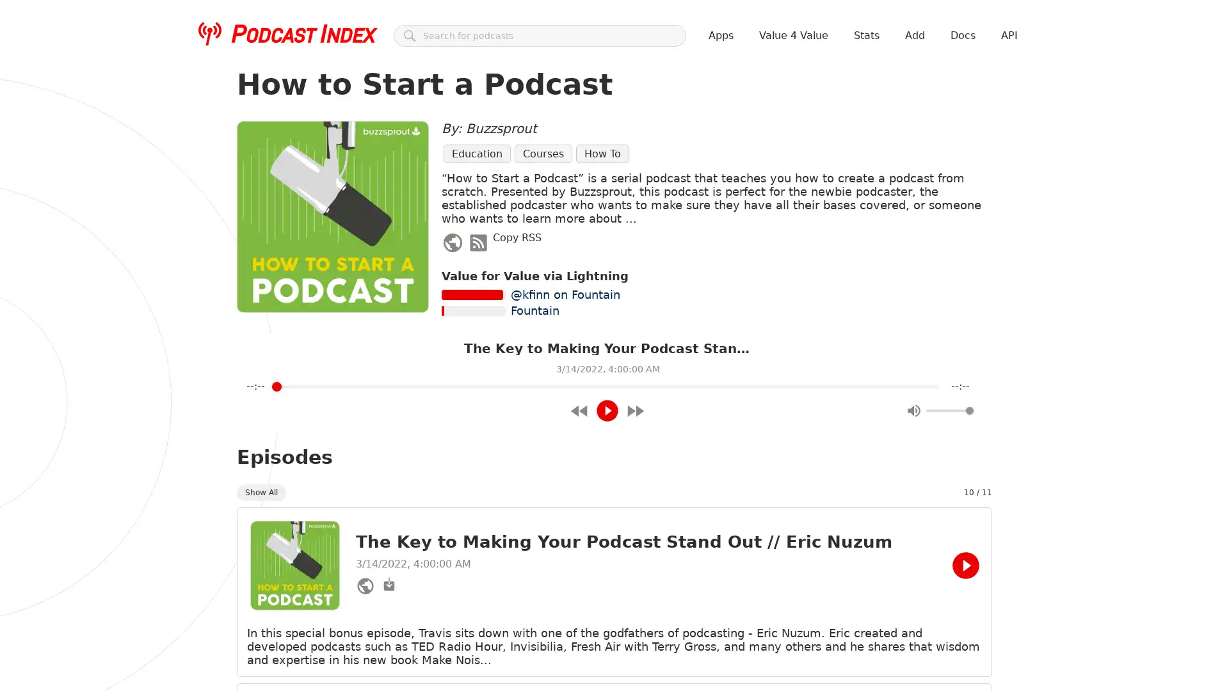 This screenshot has width=1229, height=691. What do you see at coordinates (261, 491) in the screenshot?
I see `Show All` at bounding box center [261, 491].